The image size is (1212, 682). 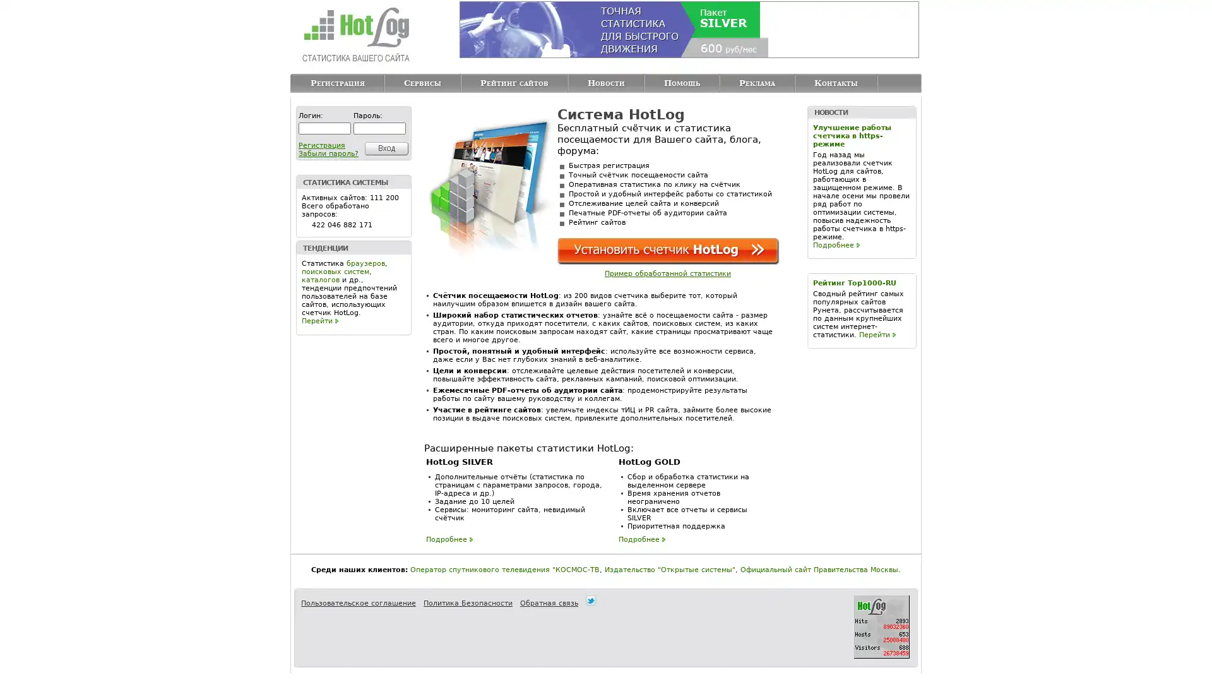 What do you see at coordinates (384, 148) in the screenshot?
I see `Submit` at bounding box center [384, 148].